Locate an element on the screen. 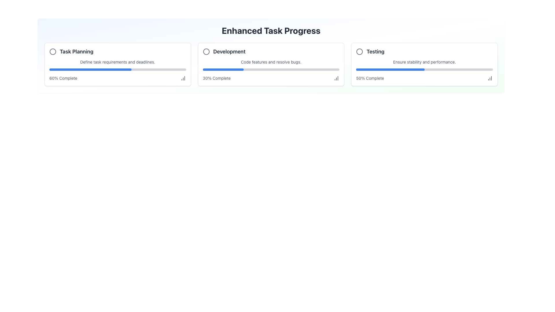  the progress bar segment indicating 30% completion in the Development section is located at coordinates (223, 69).